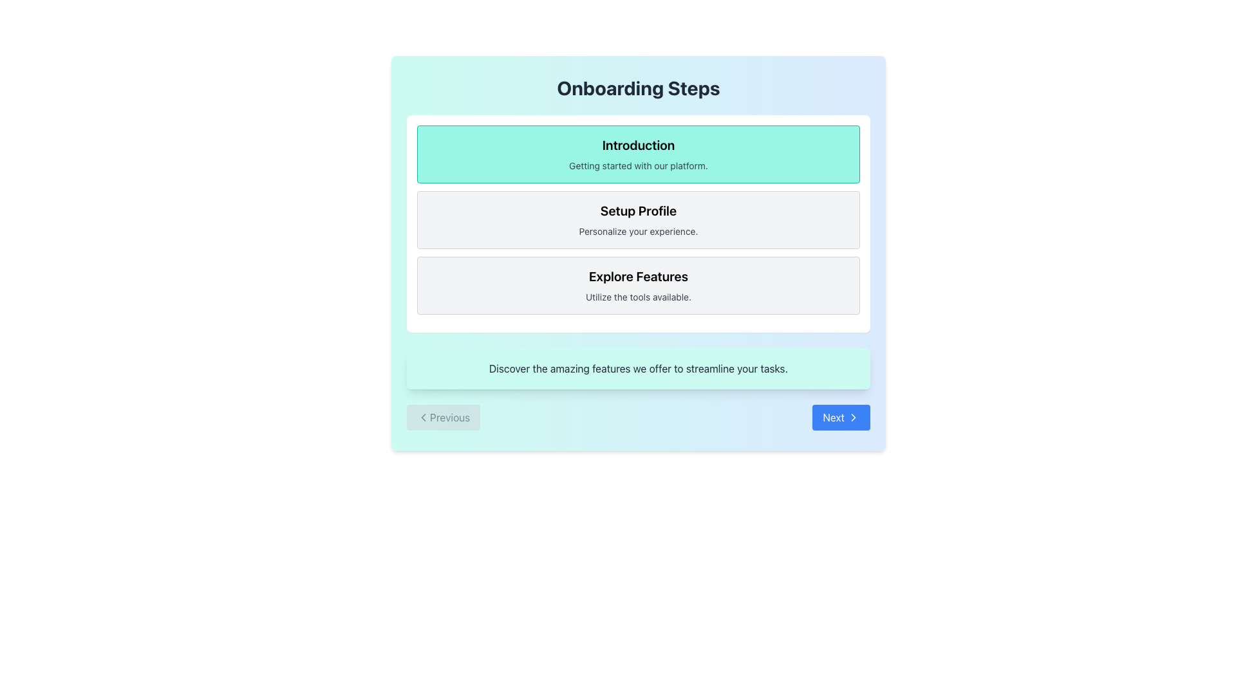  Describe the element at coordinates (853, 417) in the screenshot. I see `the 'Next' button that houses the rightward-pointing chevron arrow icon located at the bottom-right corner of the interface` at that location.